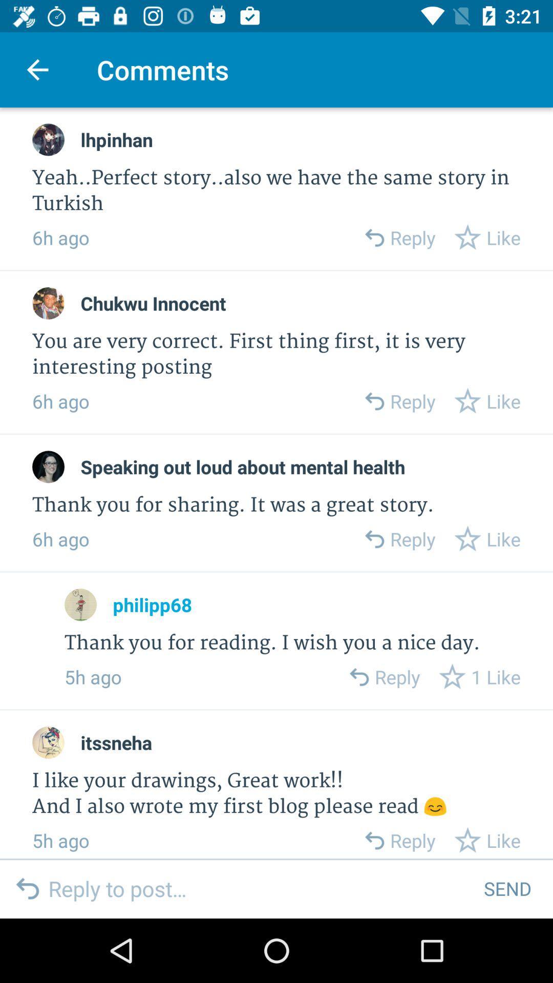 This screenshot has height=983, width=553. I want to click on itssneha item, so click(116, 742).